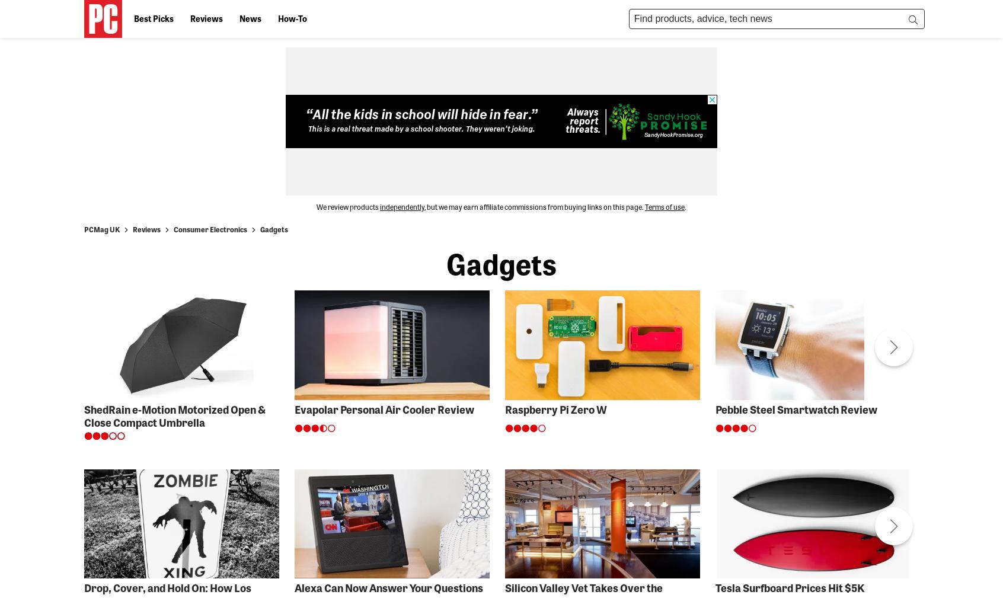 Image resolution: width=1003 pixels, height=598 pixels. Describe the element at coordinates (250, 17) in the screenshot. I see `'News'` at that location.